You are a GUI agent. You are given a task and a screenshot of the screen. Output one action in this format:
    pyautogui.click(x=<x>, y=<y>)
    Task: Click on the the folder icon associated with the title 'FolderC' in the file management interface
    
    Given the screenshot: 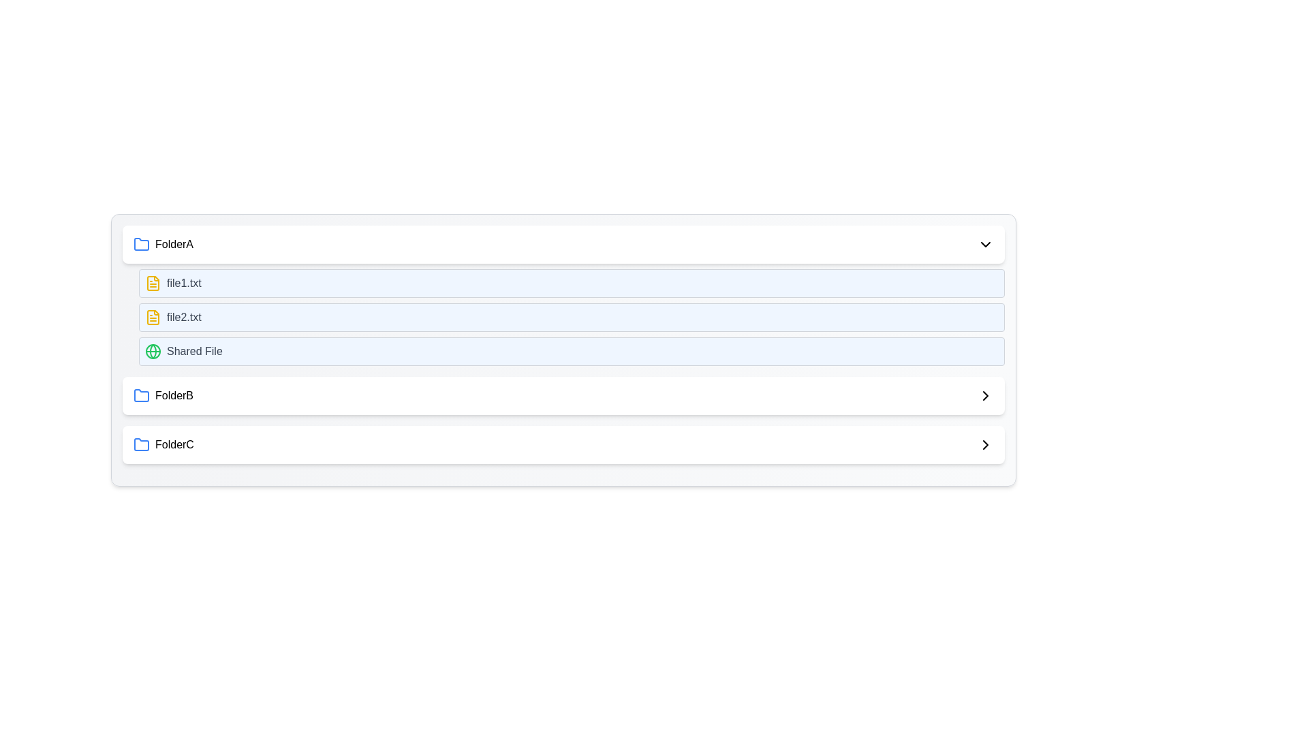 What is the action you would take?
    pyautogui.click(x=141, y=243)
    